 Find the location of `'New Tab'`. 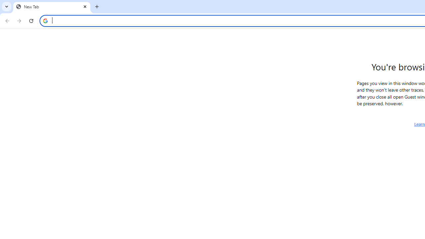

'New Tab' is located at coordinates (51, 7).